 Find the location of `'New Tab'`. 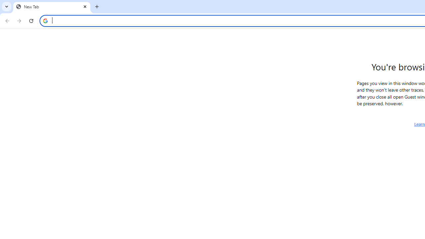

'New Tab' is located at coordinates (51, 7).